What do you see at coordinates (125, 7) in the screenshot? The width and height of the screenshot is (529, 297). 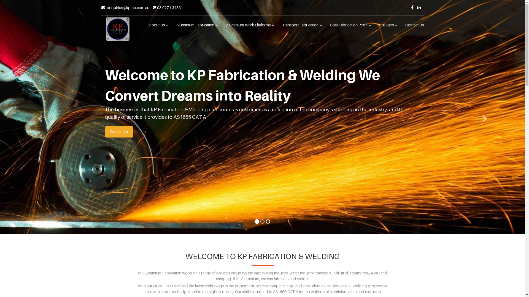 I see `'  enquiries@kpfab.com.au'` at bounding box center [125, 7].